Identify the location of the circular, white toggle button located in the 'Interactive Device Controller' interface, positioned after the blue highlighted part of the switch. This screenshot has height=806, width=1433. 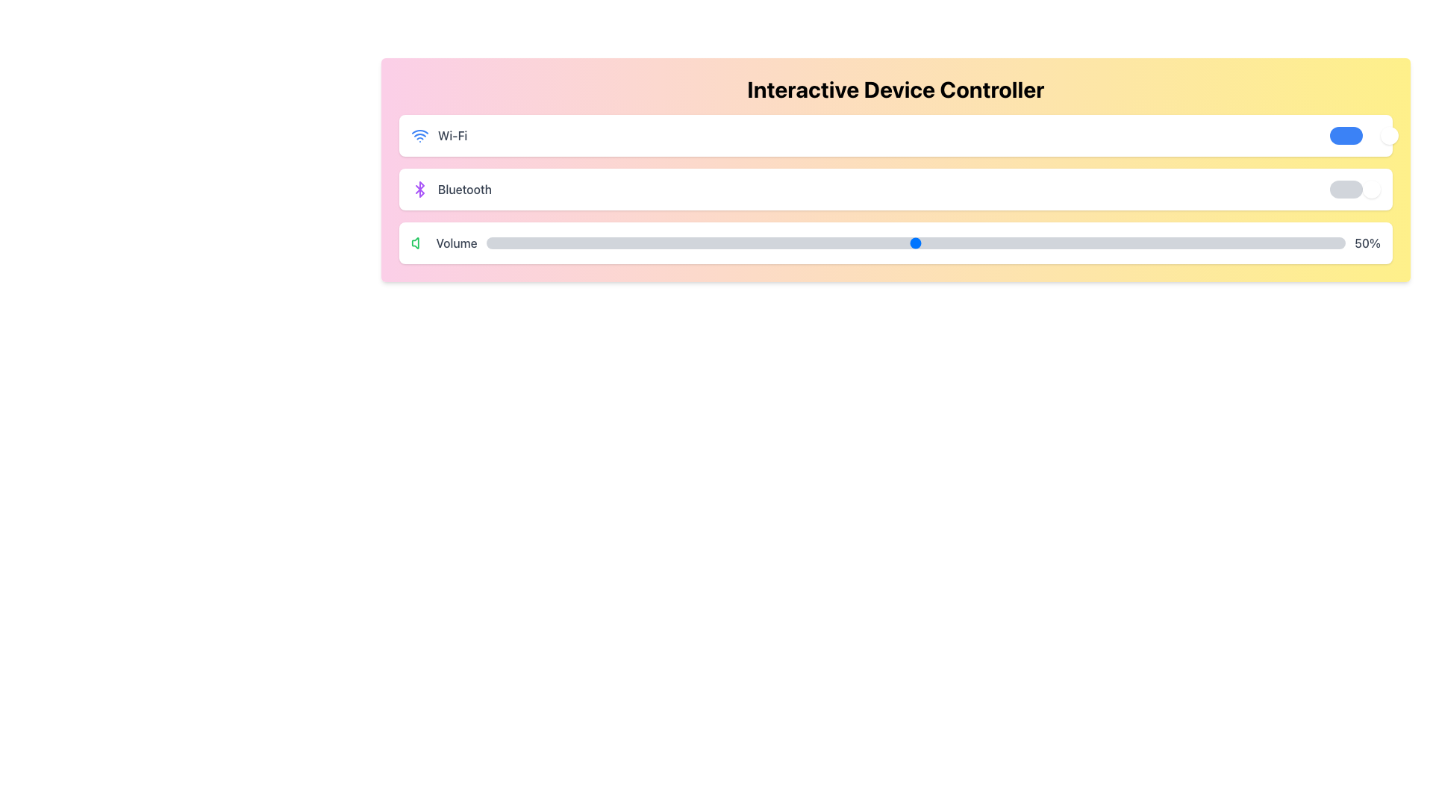
(1389, 135).